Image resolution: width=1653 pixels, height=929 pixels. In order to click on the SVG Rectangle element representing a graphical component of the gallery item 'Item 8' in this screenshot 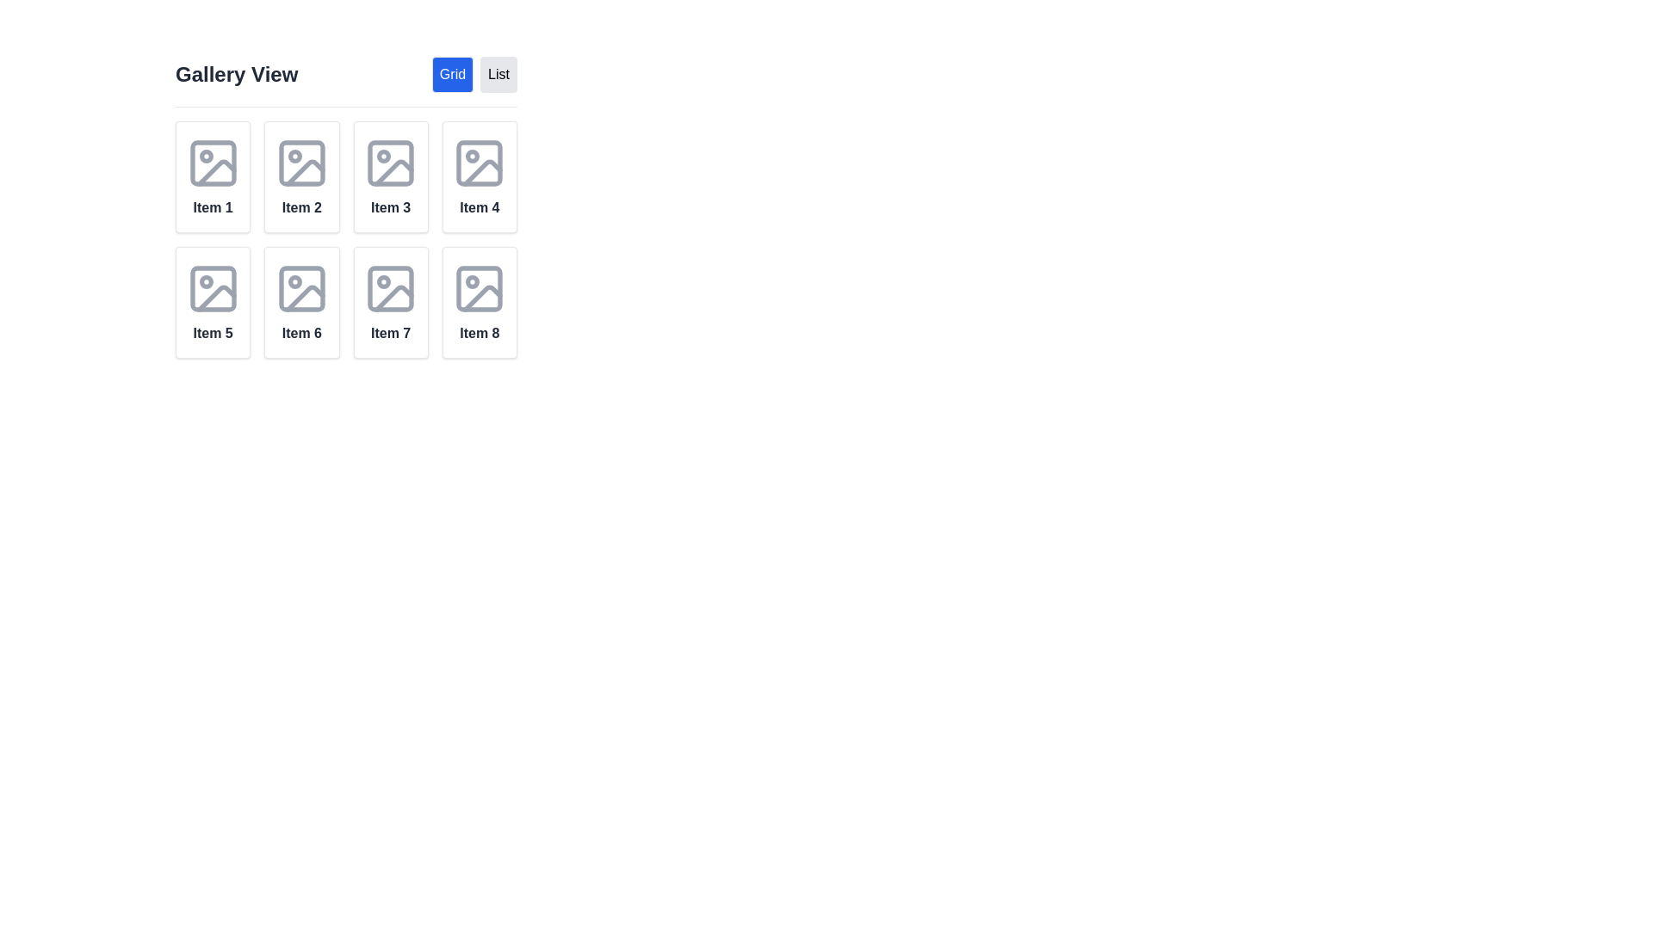, I will do `click(480, 287)`.